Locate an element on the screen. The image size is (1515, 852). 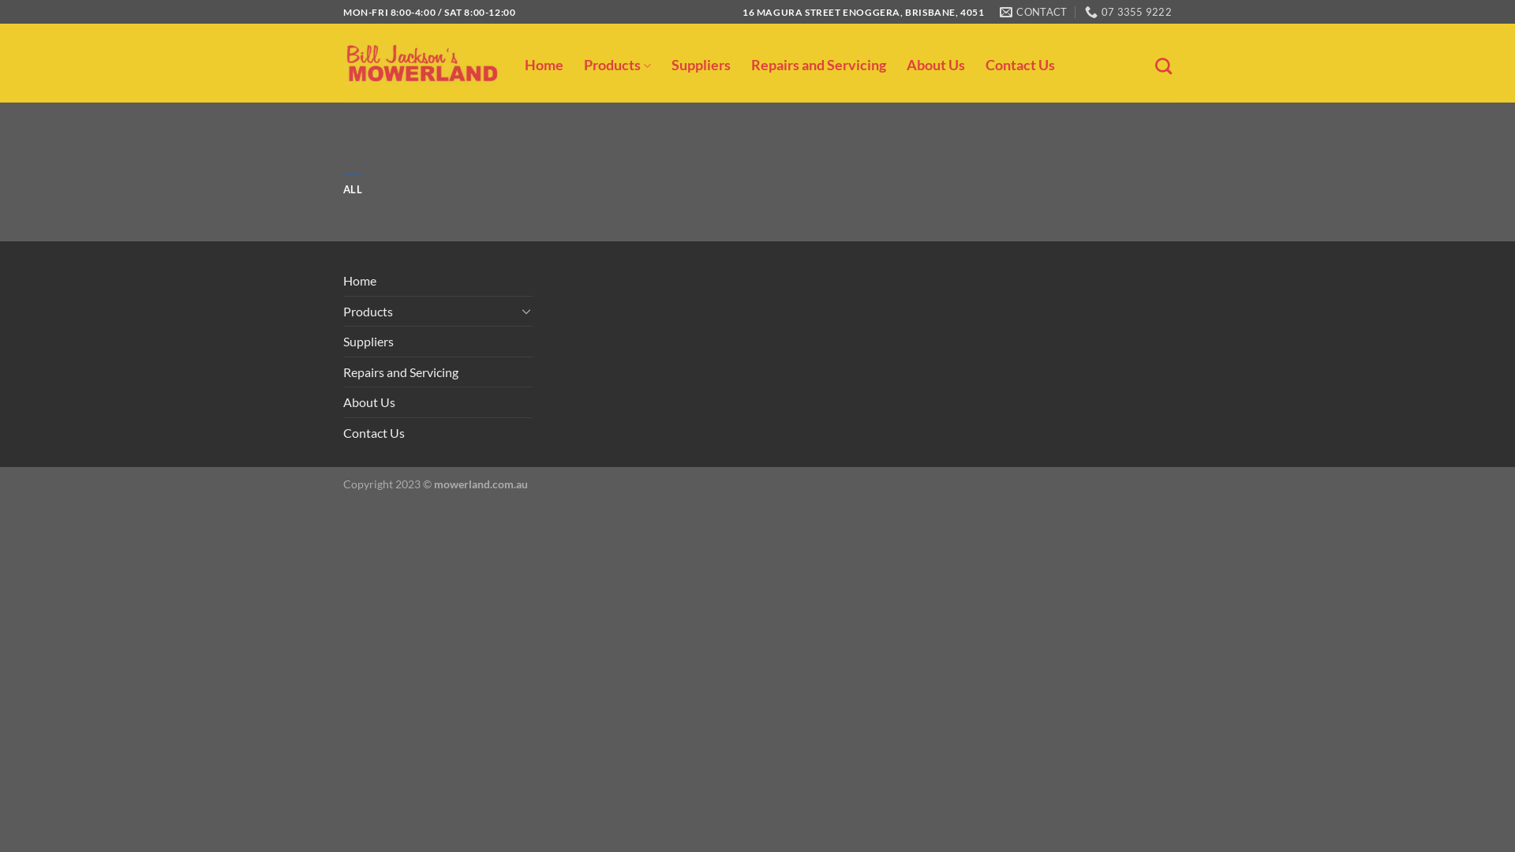
'07 3355 9222' is located at coordinates (1128, 12).